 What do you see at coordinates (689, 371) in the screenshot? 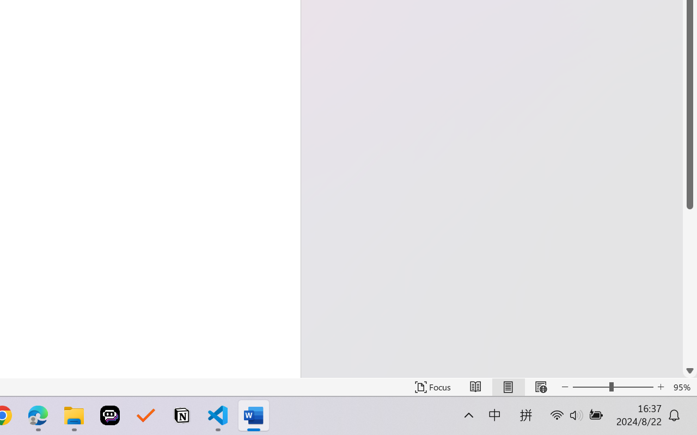
I see `'Line down'` at bounding box center [689, 371].